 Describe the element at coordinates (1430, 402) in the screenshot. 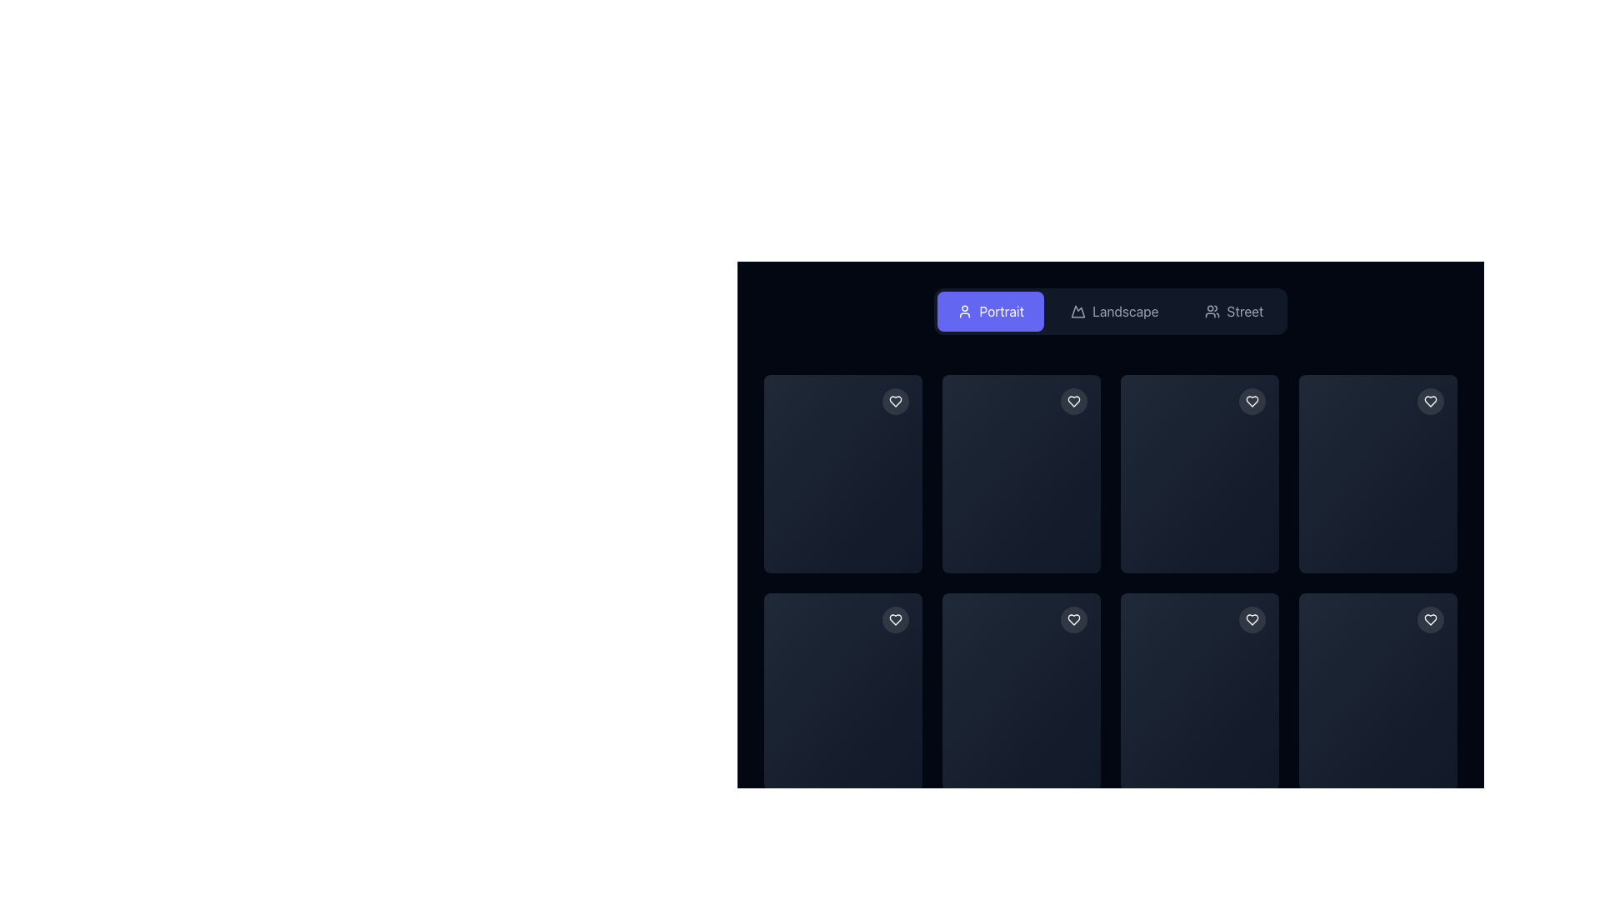

I see `the heart-shaped icon within the button located in the top-right corner of the last item in the grid layout to like or favorite the item` at that location.